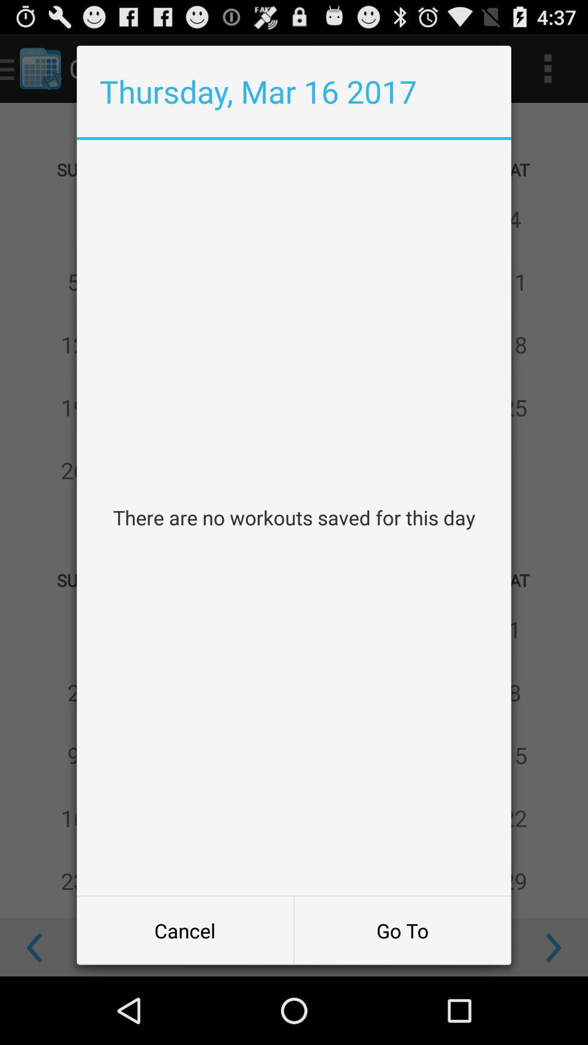 Image resolution: width=588 pixels, height=1045 pixels. I want to click on the go to button, so click(402, 930).